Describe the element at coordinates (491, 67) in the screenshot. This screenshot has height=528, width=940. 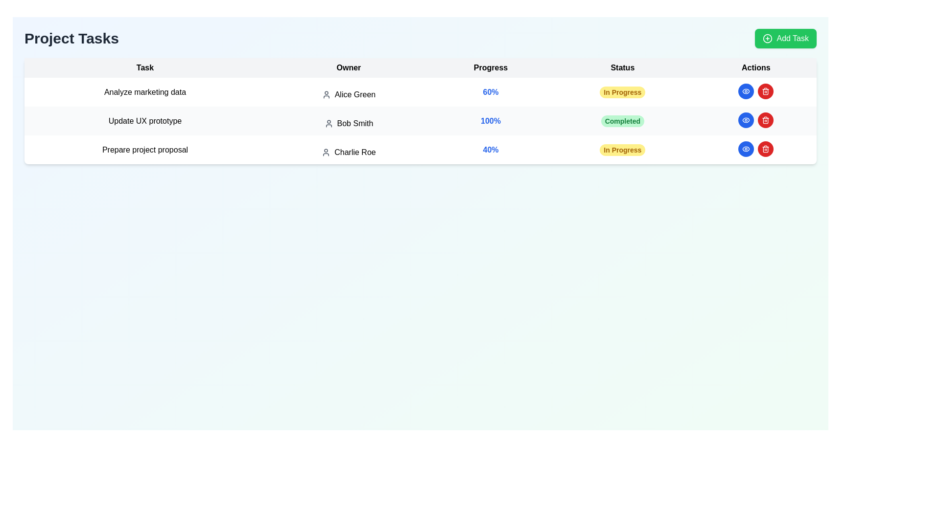
I see `the text label displaying 'Progress' in bold black font, which is the third column header in a table, located between the 'Owner' and 'Status' headers` at that location.